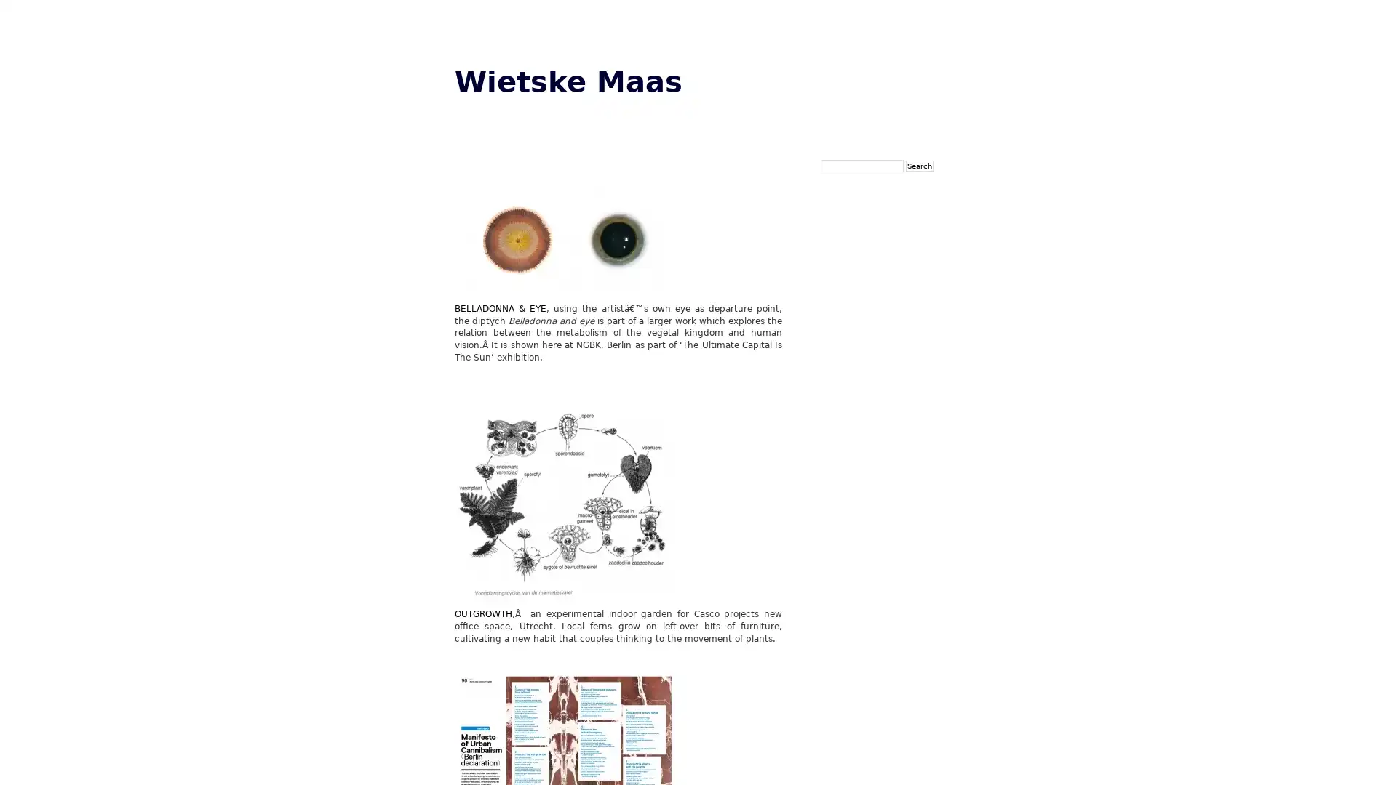  Describe the element at coordinates (918, 165) in the screenshot. I see `Search` at that location.